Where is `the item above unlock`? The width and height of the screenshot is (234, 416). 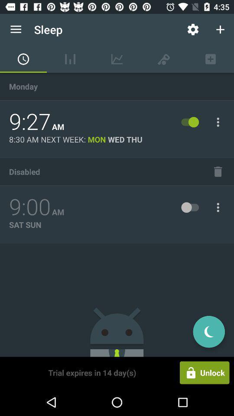
the item above unlock is located at coordinates (208, 331).